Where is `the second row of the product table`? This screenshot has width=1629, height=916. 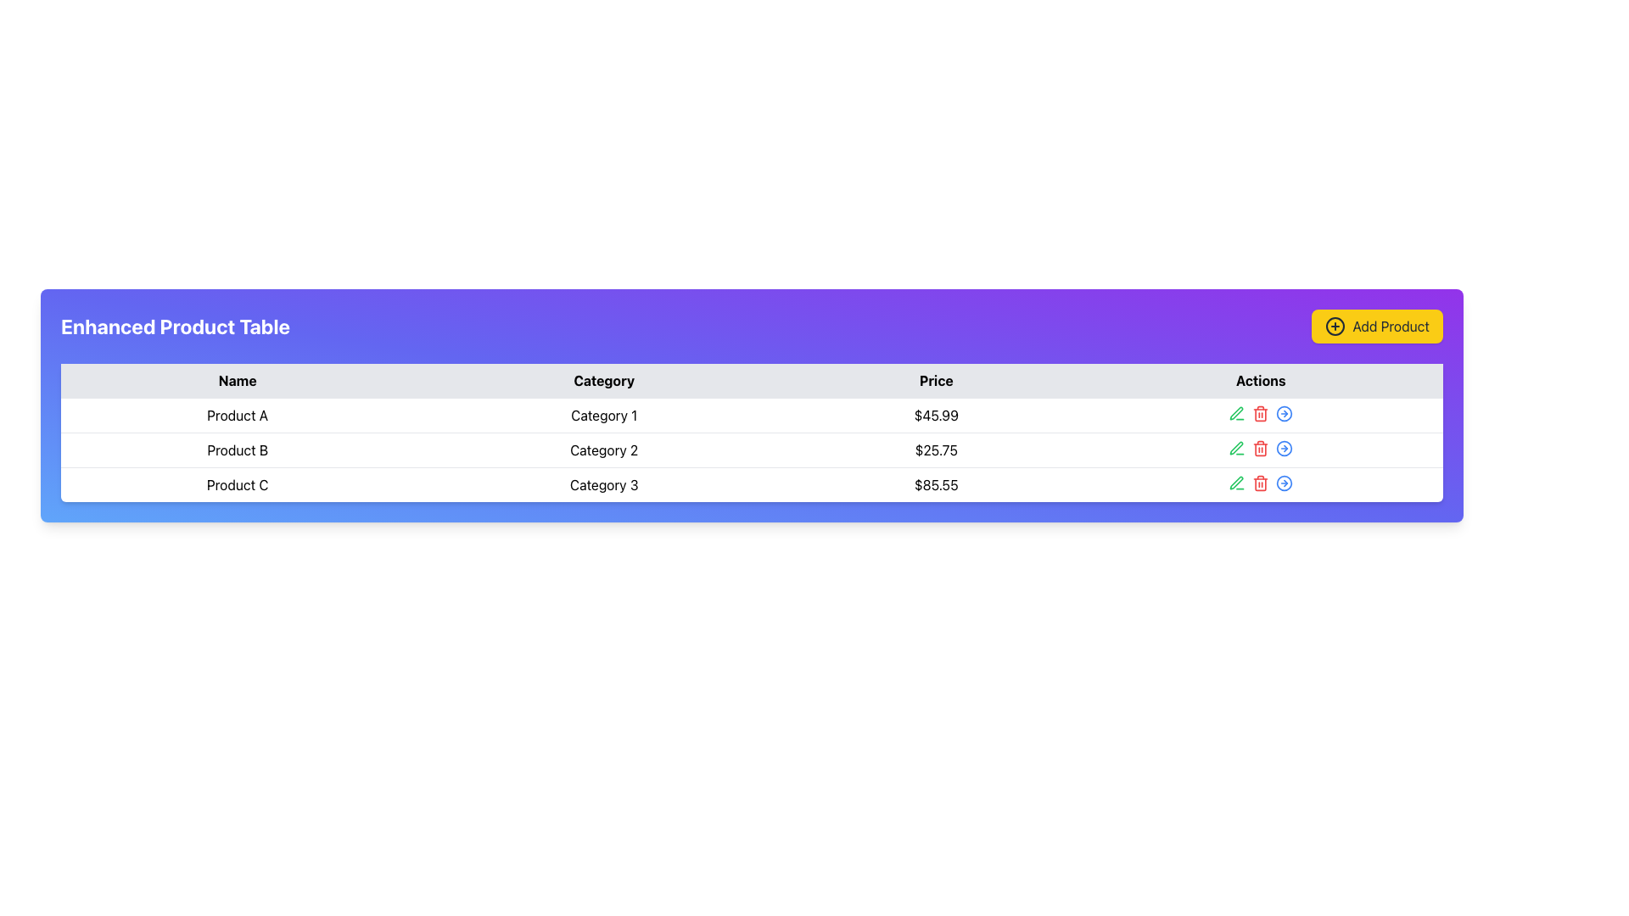
the second row of the product table is located at coordinates (751, 450).